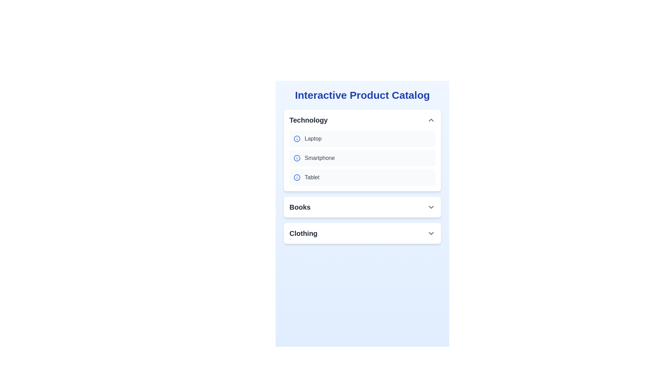 The width and height of the screenshot is (664, 373). Describe the element at coordinates (431, 207) in the screenshot. I see `the downward-pointing chevron button` at that location.